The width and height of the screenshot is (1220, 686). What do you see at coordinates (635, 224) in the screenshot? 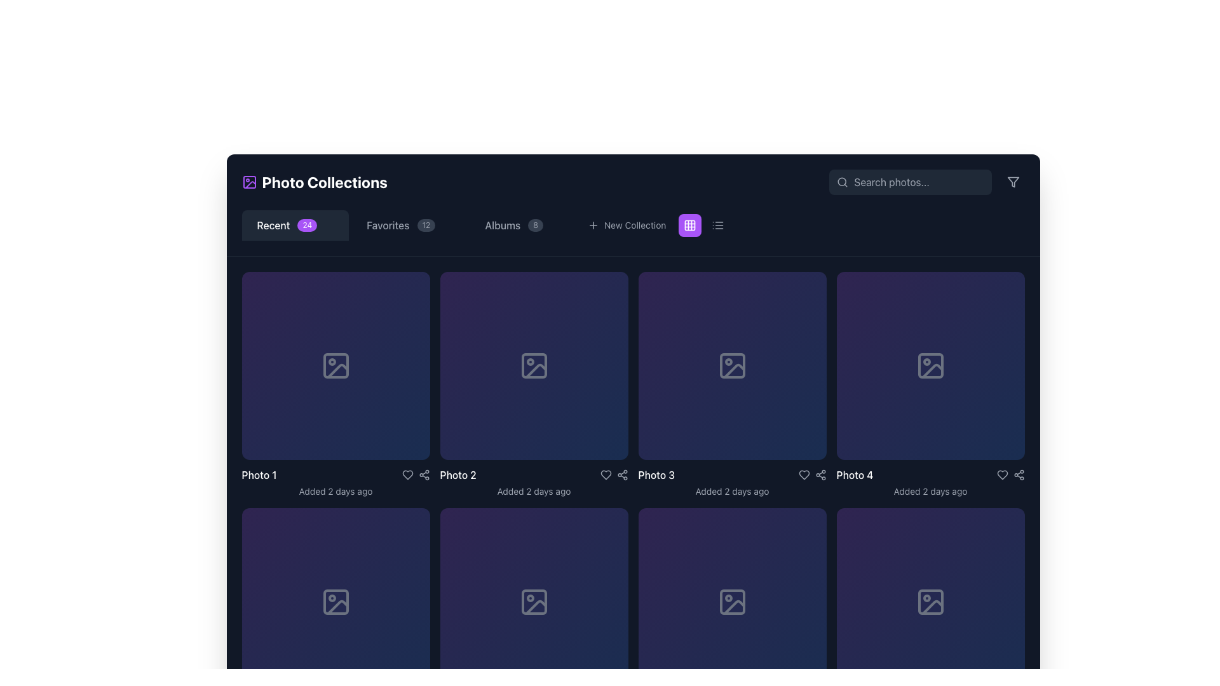
I see `the Text Label indicating the option to create a new collection located in the horizontal toolbar, which is positioned near the top of the interface, immediately following a '+' symbol and adjacent to a square icon` at bounding box center [635, 224].